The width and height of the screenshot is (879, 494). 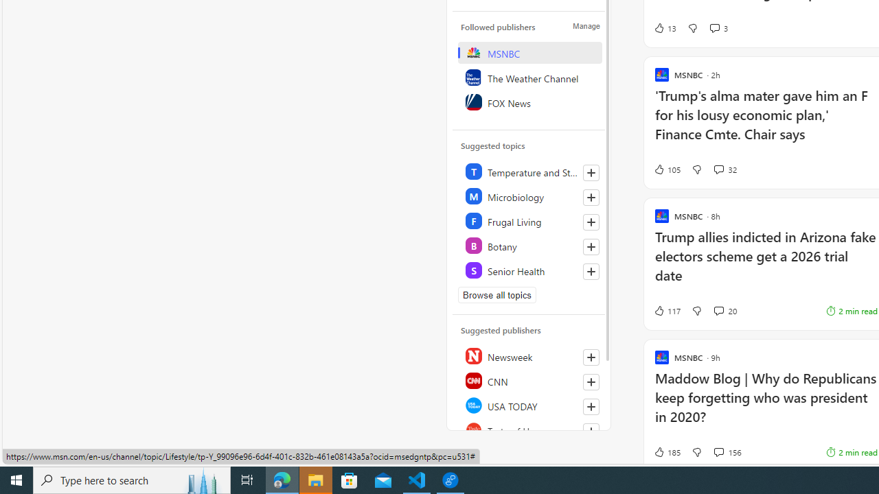 I want to click on 'View comments 20 Comment', so click(x=718, y=310).